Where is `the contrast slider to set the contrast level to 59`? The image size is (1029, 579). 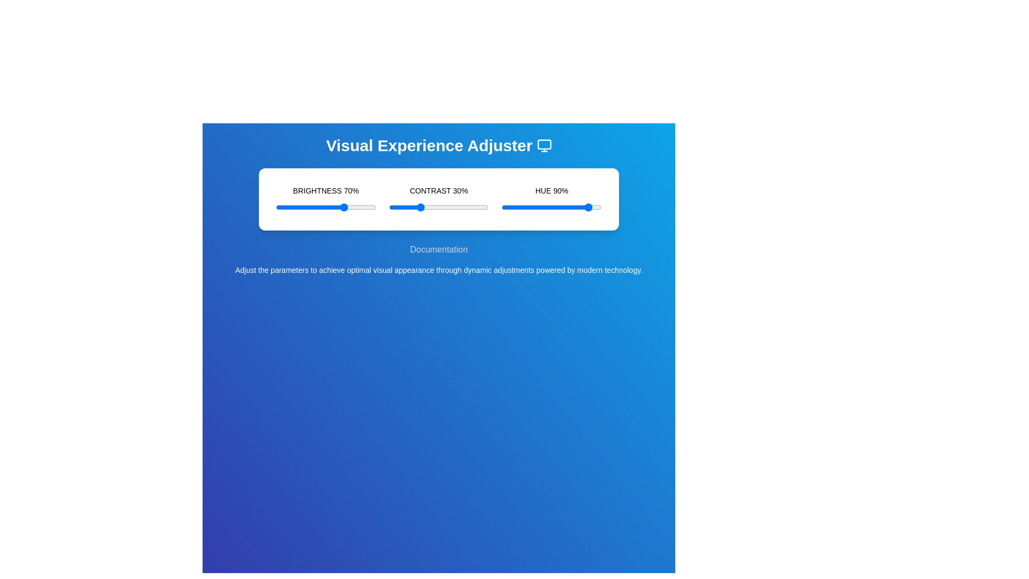
the contrast slider to set the contrast level to 59 is located at coordinates (448, 207).